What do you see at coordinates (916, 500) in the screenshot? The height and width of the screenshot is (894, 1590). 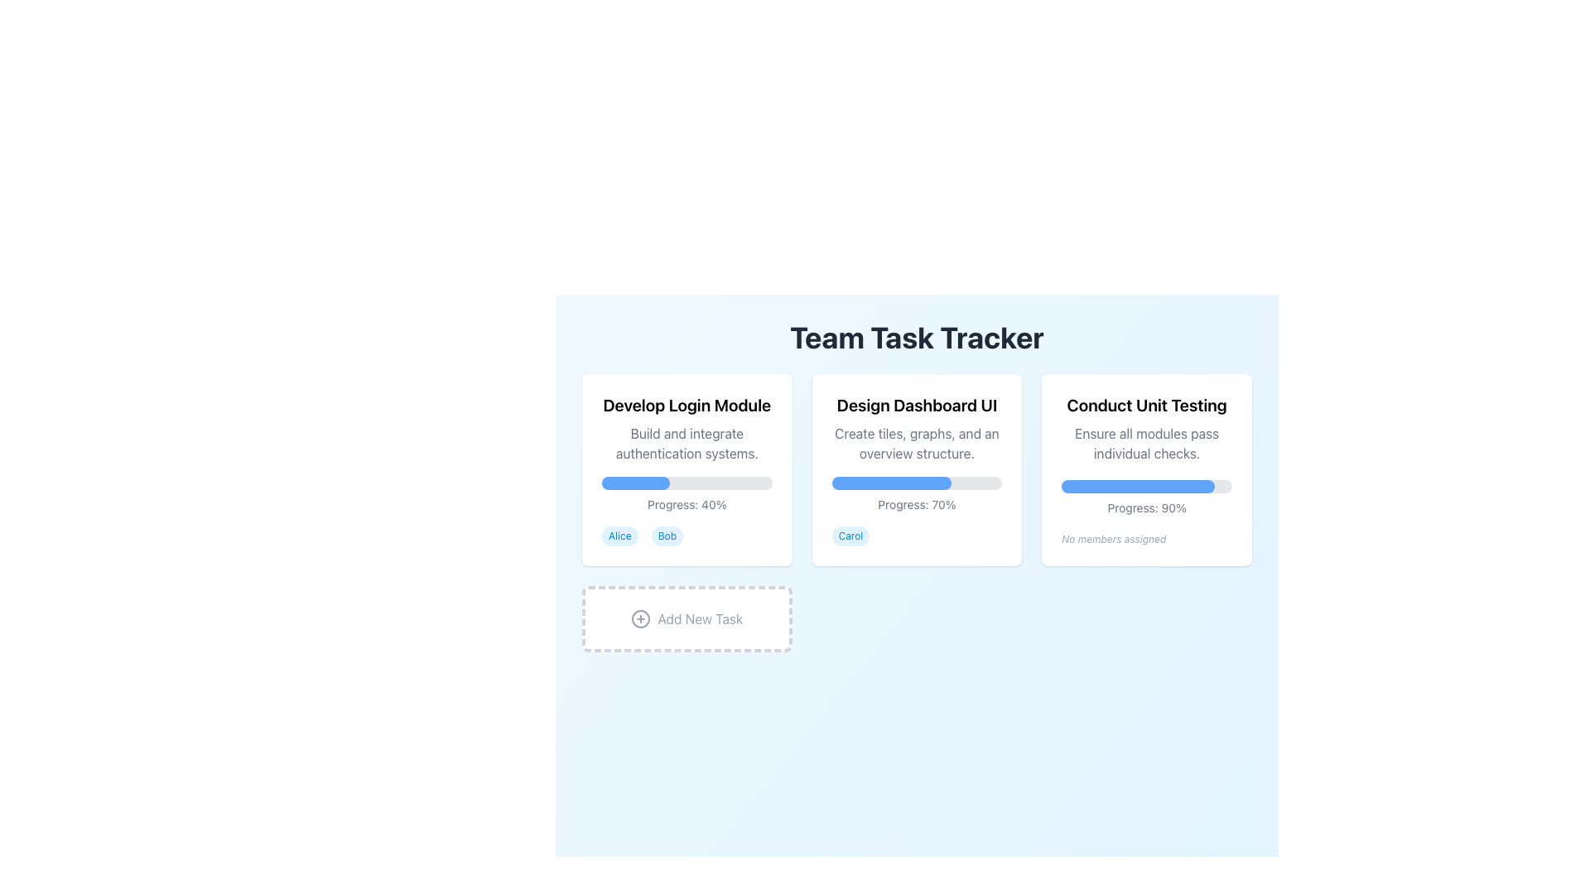 I see `the progress percentage text displayed below the blue progress bar in the 'Design Dashboard UI' card to utilize the information in decision-making` at bounding box center [916, 500].